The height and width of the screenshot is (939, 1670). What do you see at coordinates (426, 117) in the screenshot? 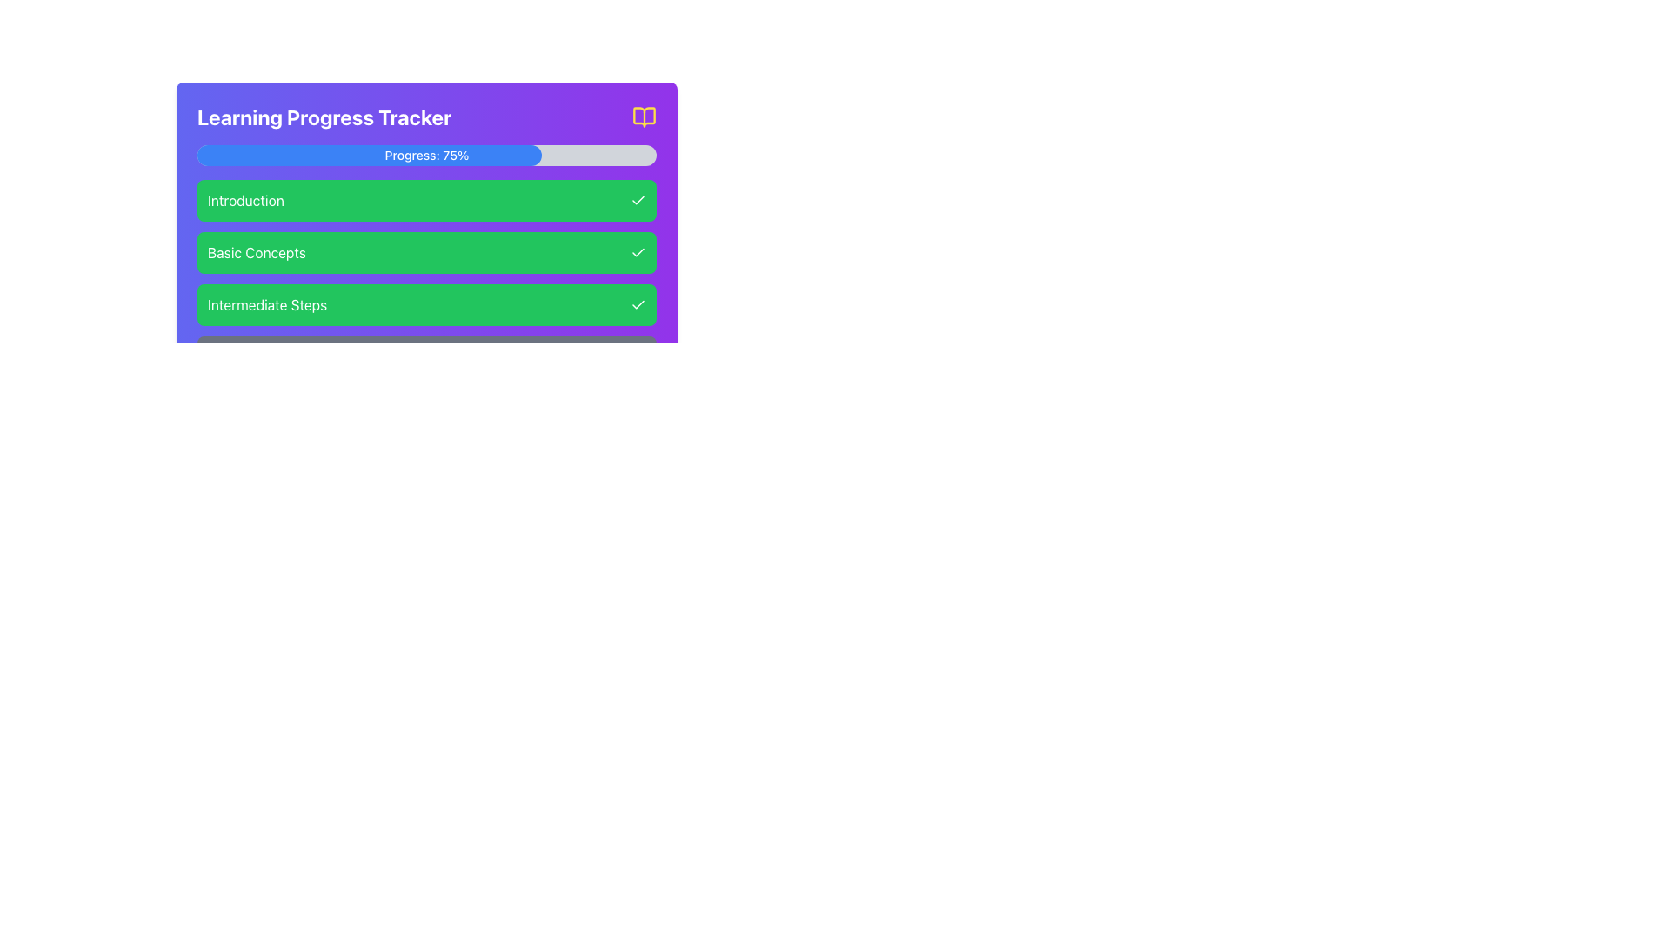
I see `the text label reading 'Learning Progress Tracker' which is styled in bold white font against a gradient purple background, located at the top of the learning progress tracker card` at bounding box center [426, 117].